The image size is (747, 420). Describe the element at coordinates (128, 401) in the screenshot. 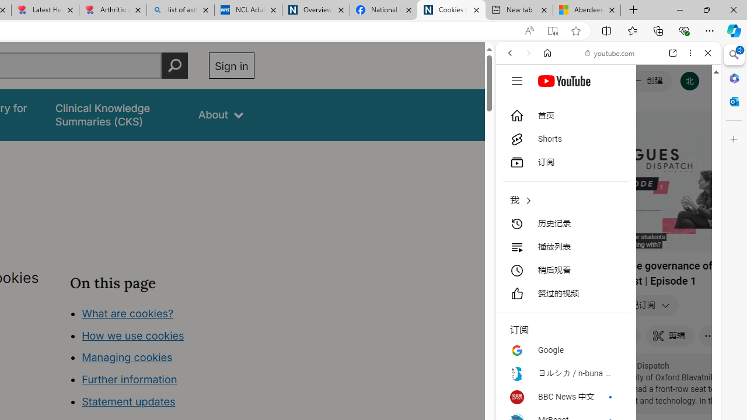

I see `'Statement updates'` at that location.